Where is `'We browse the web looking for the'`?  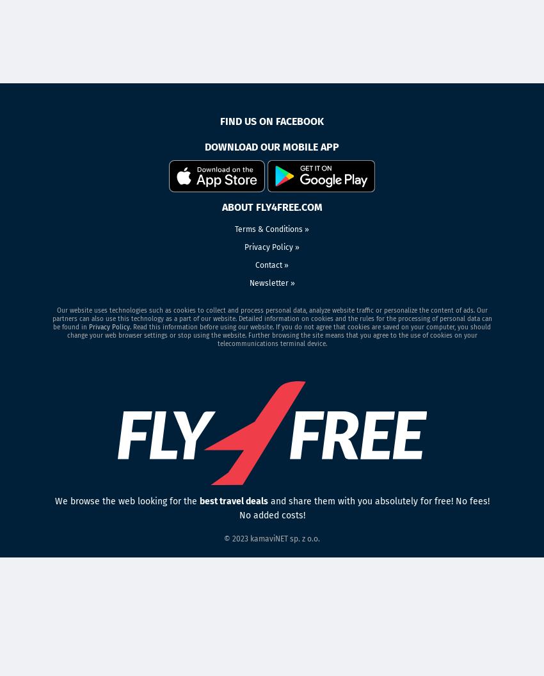 'We browse the web looking for the' is located at coordinates (125, 500).